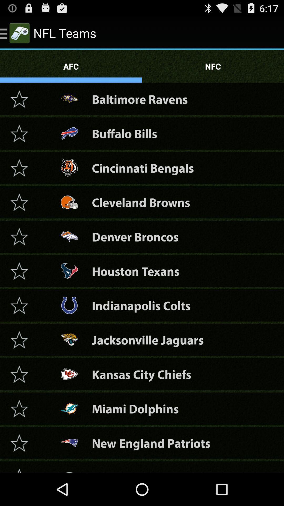 Image resolution: width=284 pixels, height=506 pixels. Describe the element at coordinates (19, 167) in the screenshot. I see `bengals` at that location.